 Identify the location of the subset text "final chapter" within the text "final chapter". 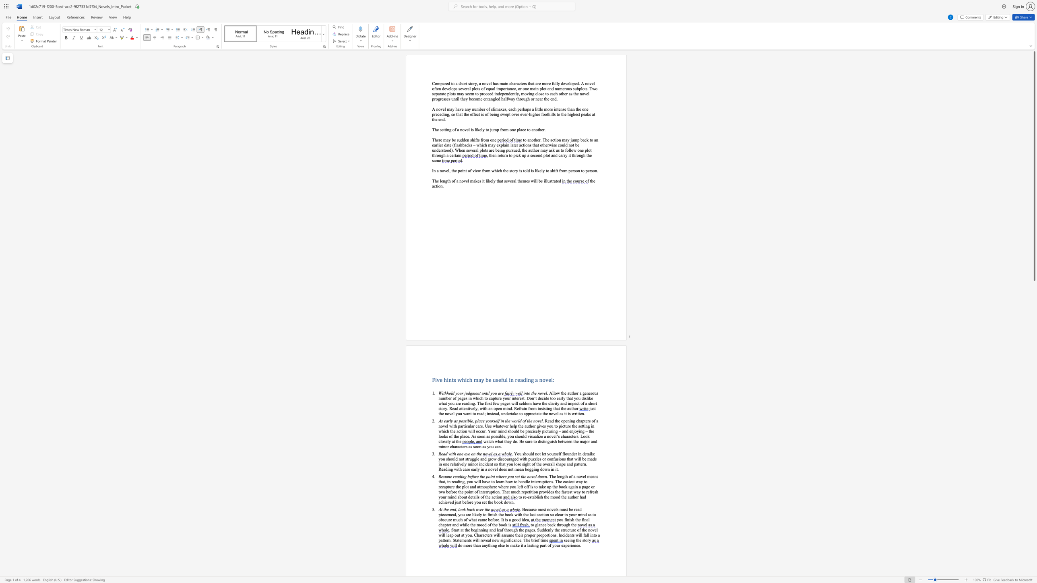
(581, 519).